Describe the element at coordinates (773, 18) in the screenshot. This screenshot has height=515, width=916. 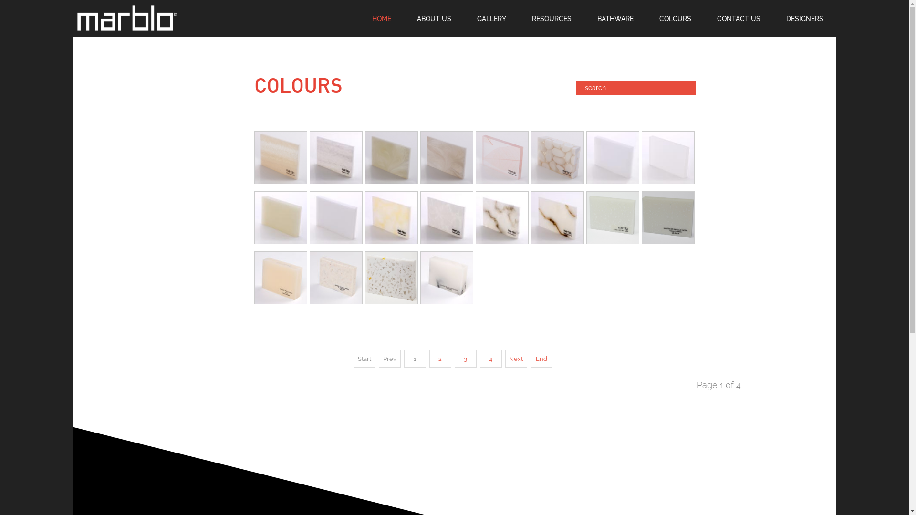
I see `'DESIGNERS'` at that location.